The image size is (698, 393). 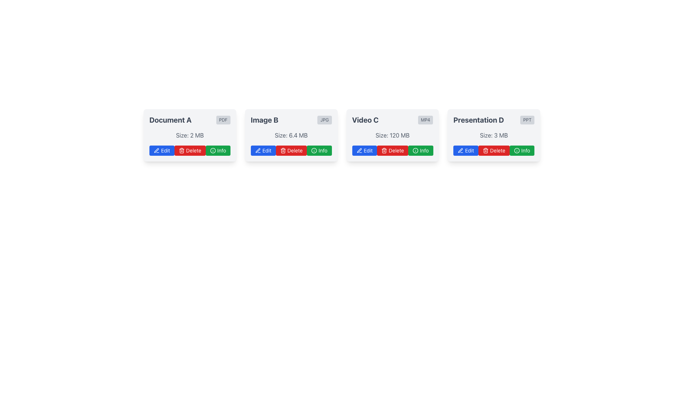 I want to click on the Text label that informs the user about the size of the associated video file located in the third card representing 'Video C', positioned below the title 'Video C', so click(x=392, y=135).